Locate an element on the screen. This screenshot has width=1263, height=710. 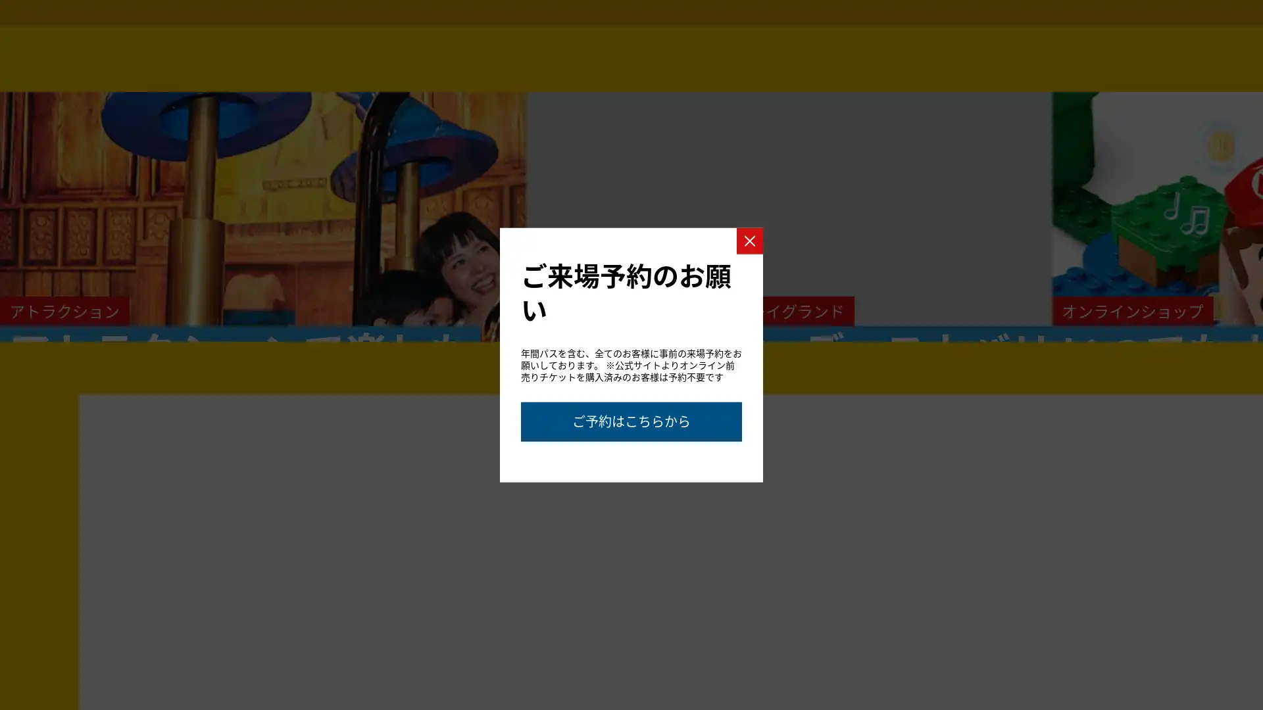
Go to slide 2 is located at coordinates (631, 509).